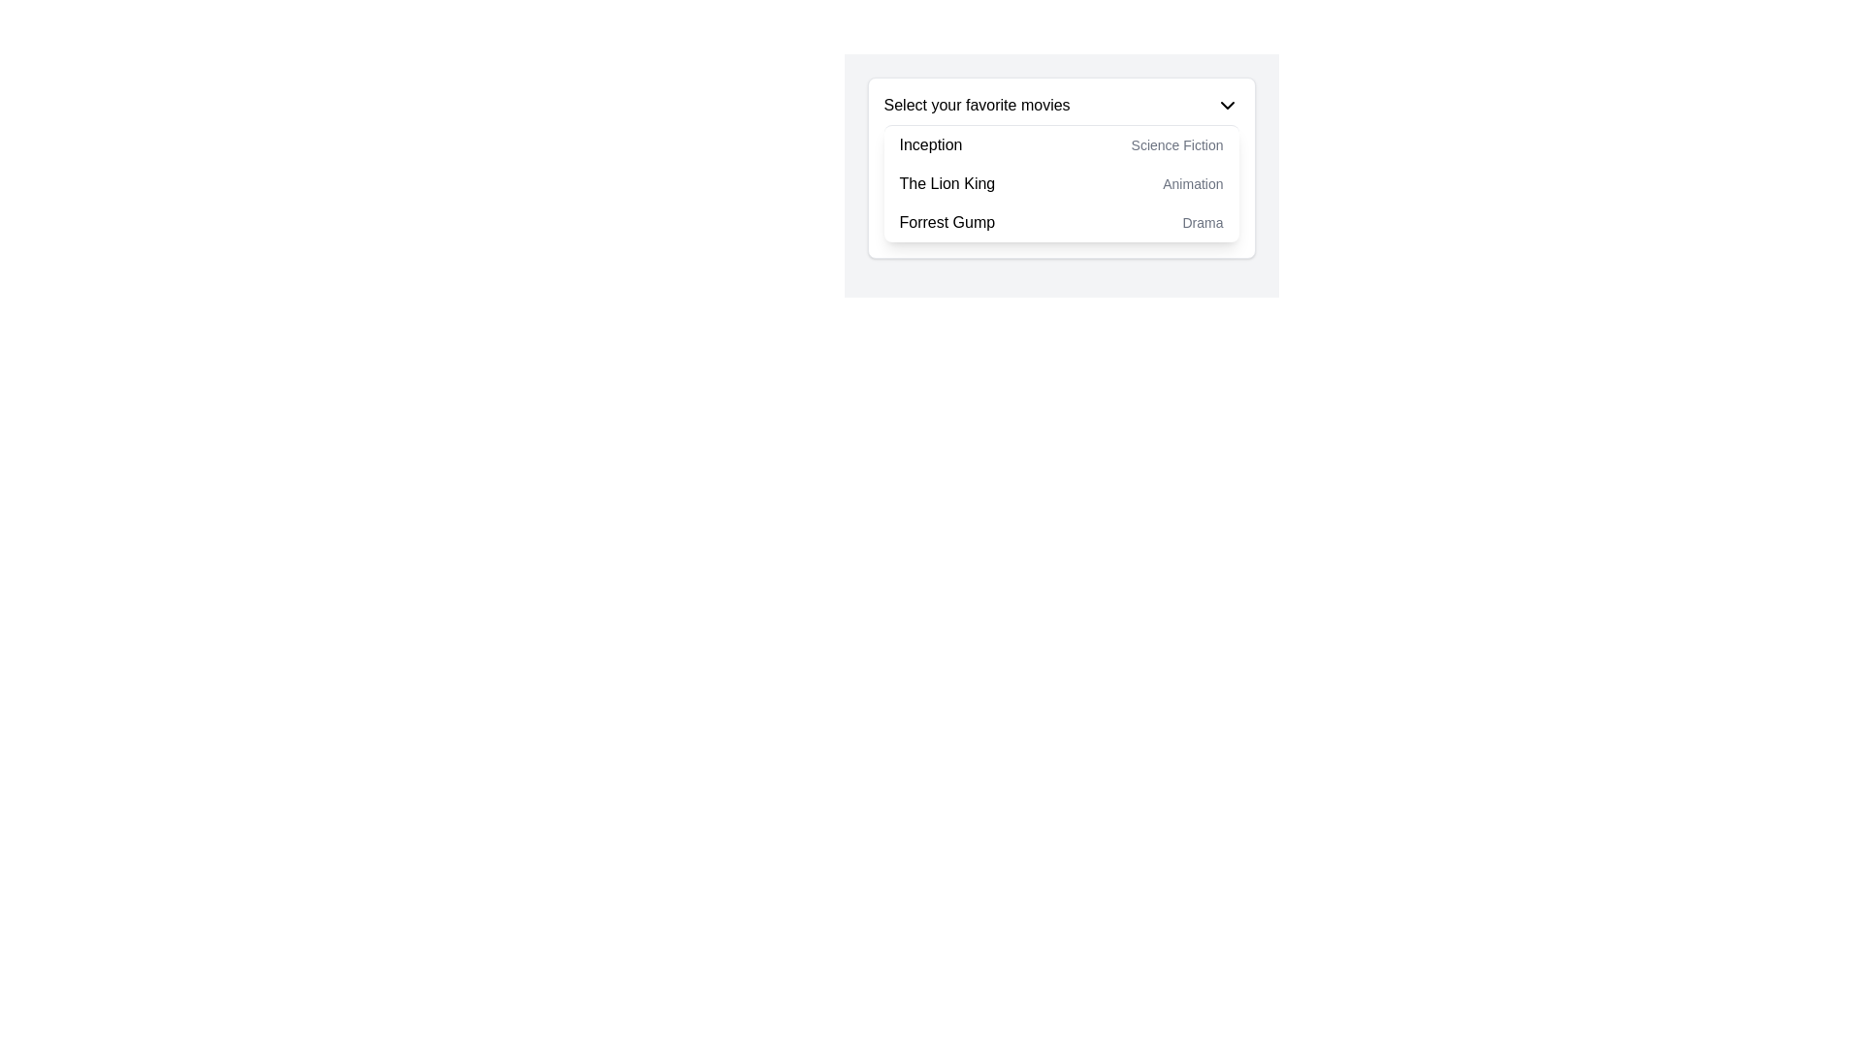 This screenshot has height=1047, width=1862. Describe the element at coordinates (1192, 183) in the screenshot. I see `text label indicating the genre of the movie 'The Lion King' located to the right of its title within the dropdown menu under 'Select your favorite movies.'` at that location.